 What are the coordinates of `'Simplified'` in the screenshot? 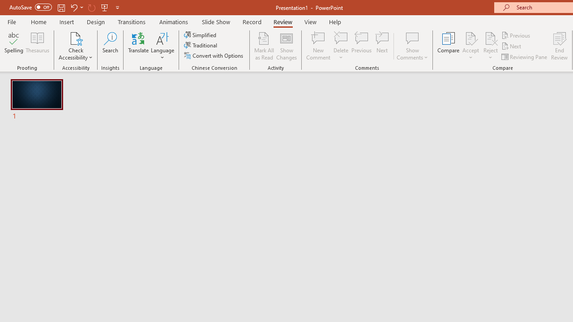 It's located at (201, 34).